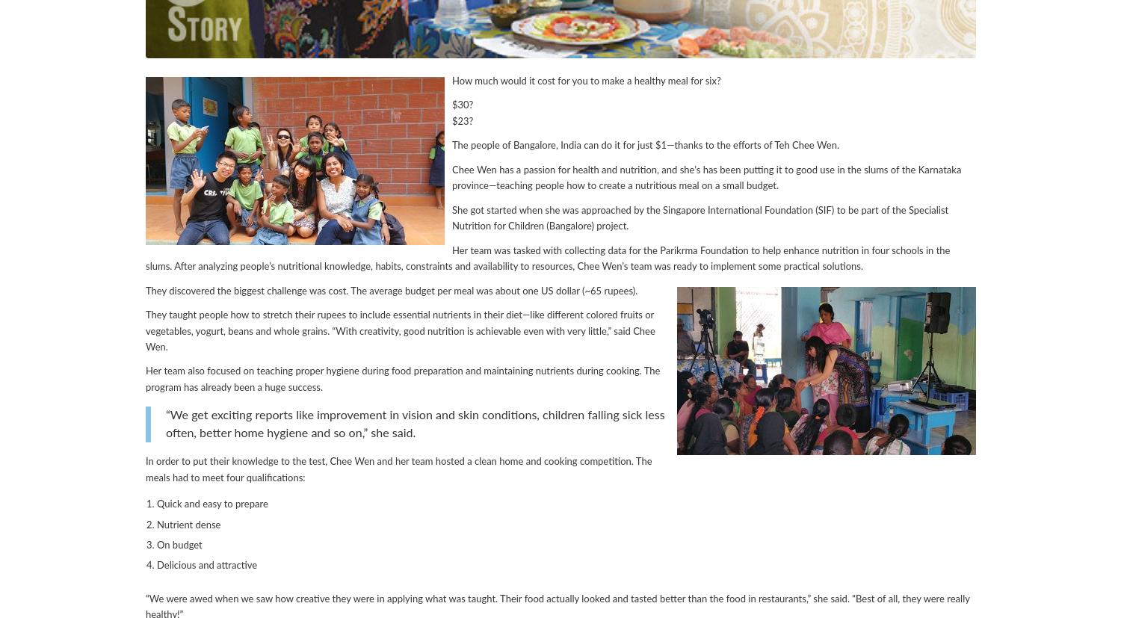 The image size is (1121, 618). I want to click on '“We get exciting reports like improvement in vision and skin conditions, children falling sick less often, better home hygiene and so on,” she said.', so click(415, 423).